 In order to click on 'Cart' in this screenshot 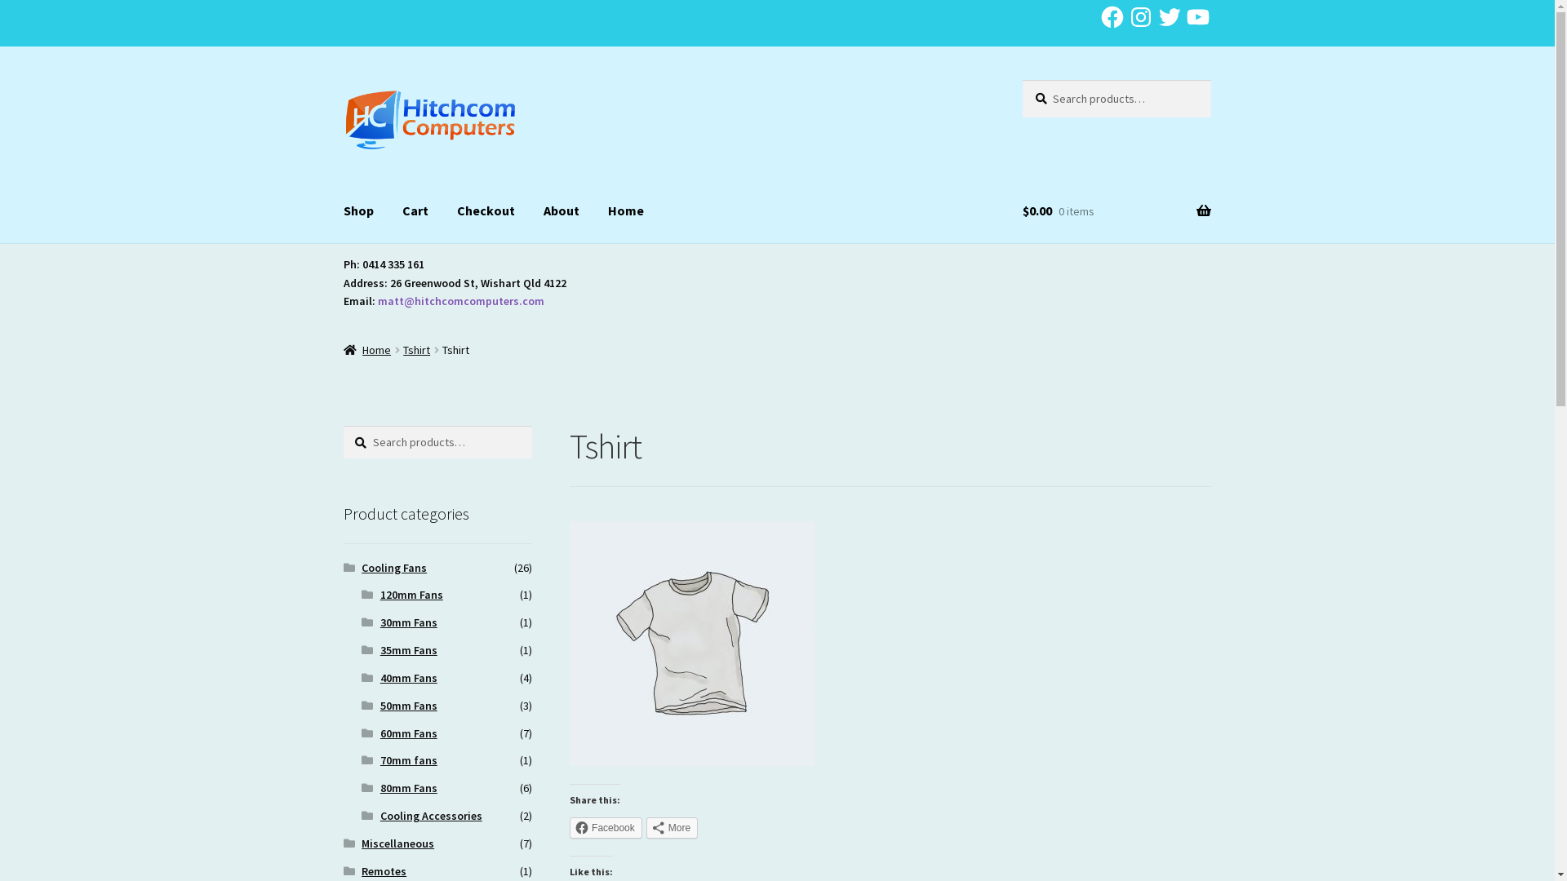, I will do `click(415, 210)`.